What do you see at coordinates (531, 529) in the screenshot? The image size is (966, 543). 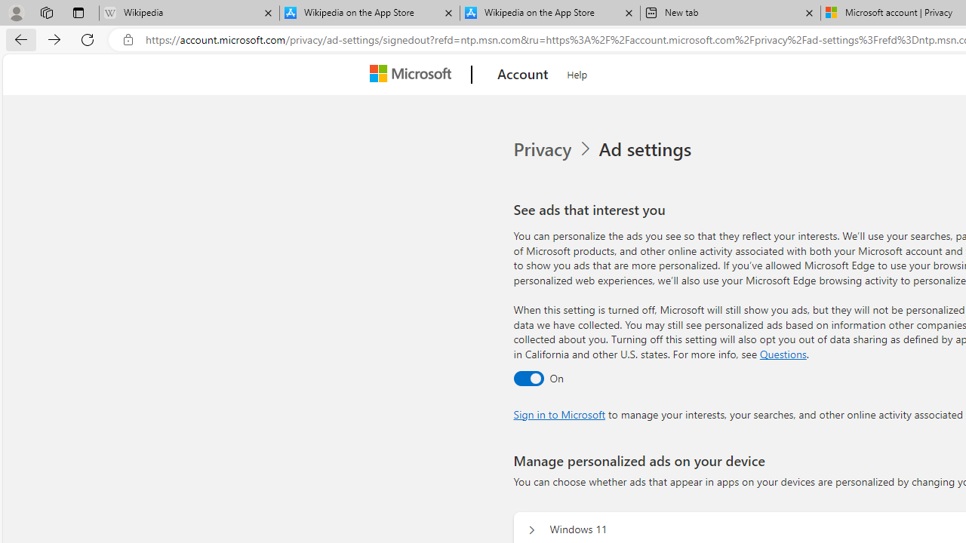 I see `'Manage personalized ads on your device Windows 11'` at bounding box center [531, 529].